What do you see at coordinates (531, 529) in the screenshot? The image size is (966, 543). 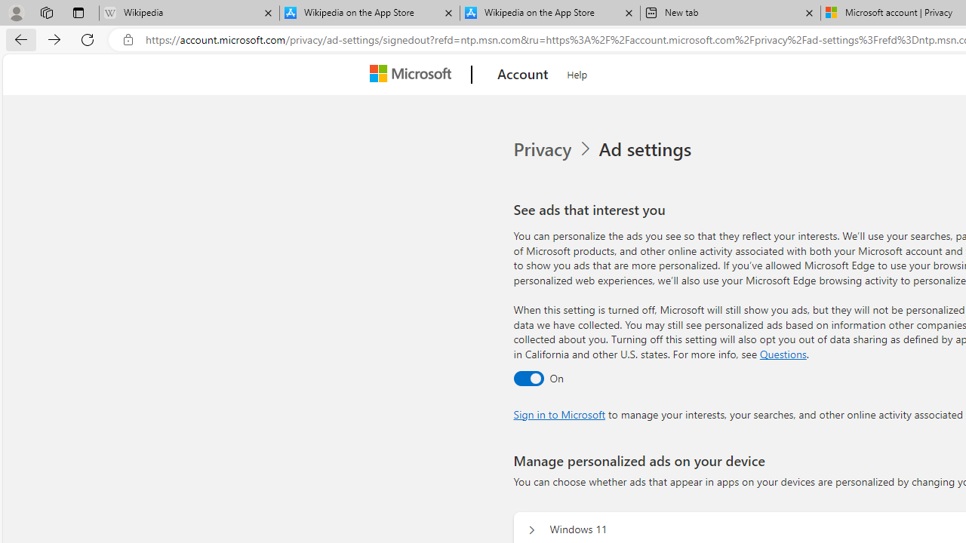 I see `'Manage personalized ads on your device Windows 11'` at bounding box center [531, 529].